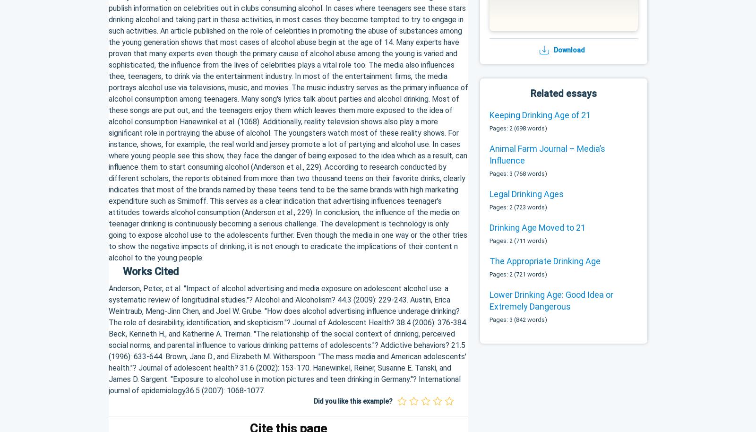 The height and width of the screenshot is (432, 756). Describe the element at coordinates (568, 50) in the screenshot. I see `'Download'` at that location.